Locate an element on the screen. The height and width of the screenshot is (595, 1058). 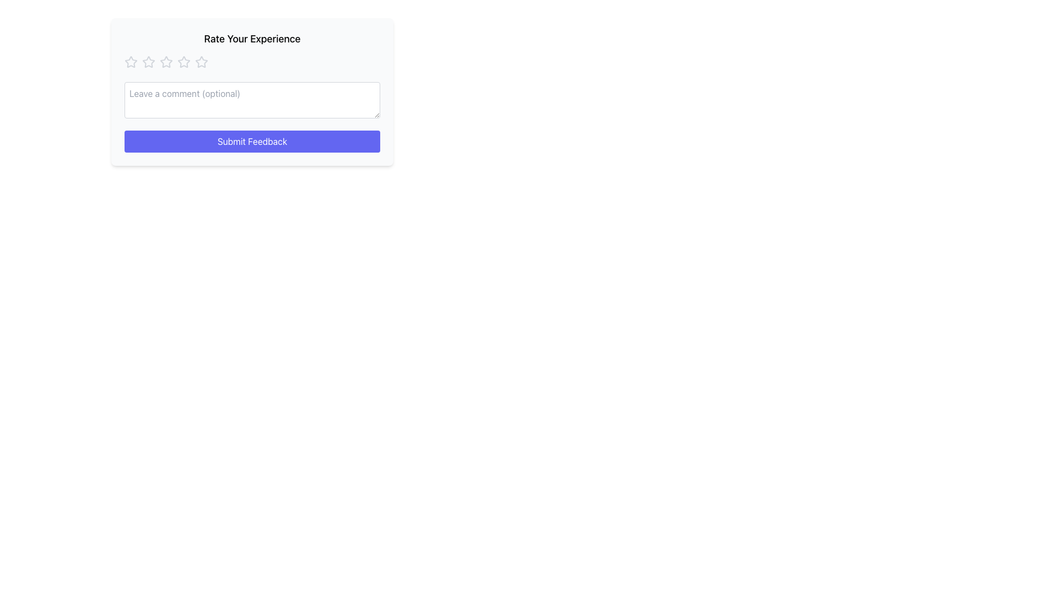
the fourth star in the 5-star rating system is located at coordinates (201, 62).